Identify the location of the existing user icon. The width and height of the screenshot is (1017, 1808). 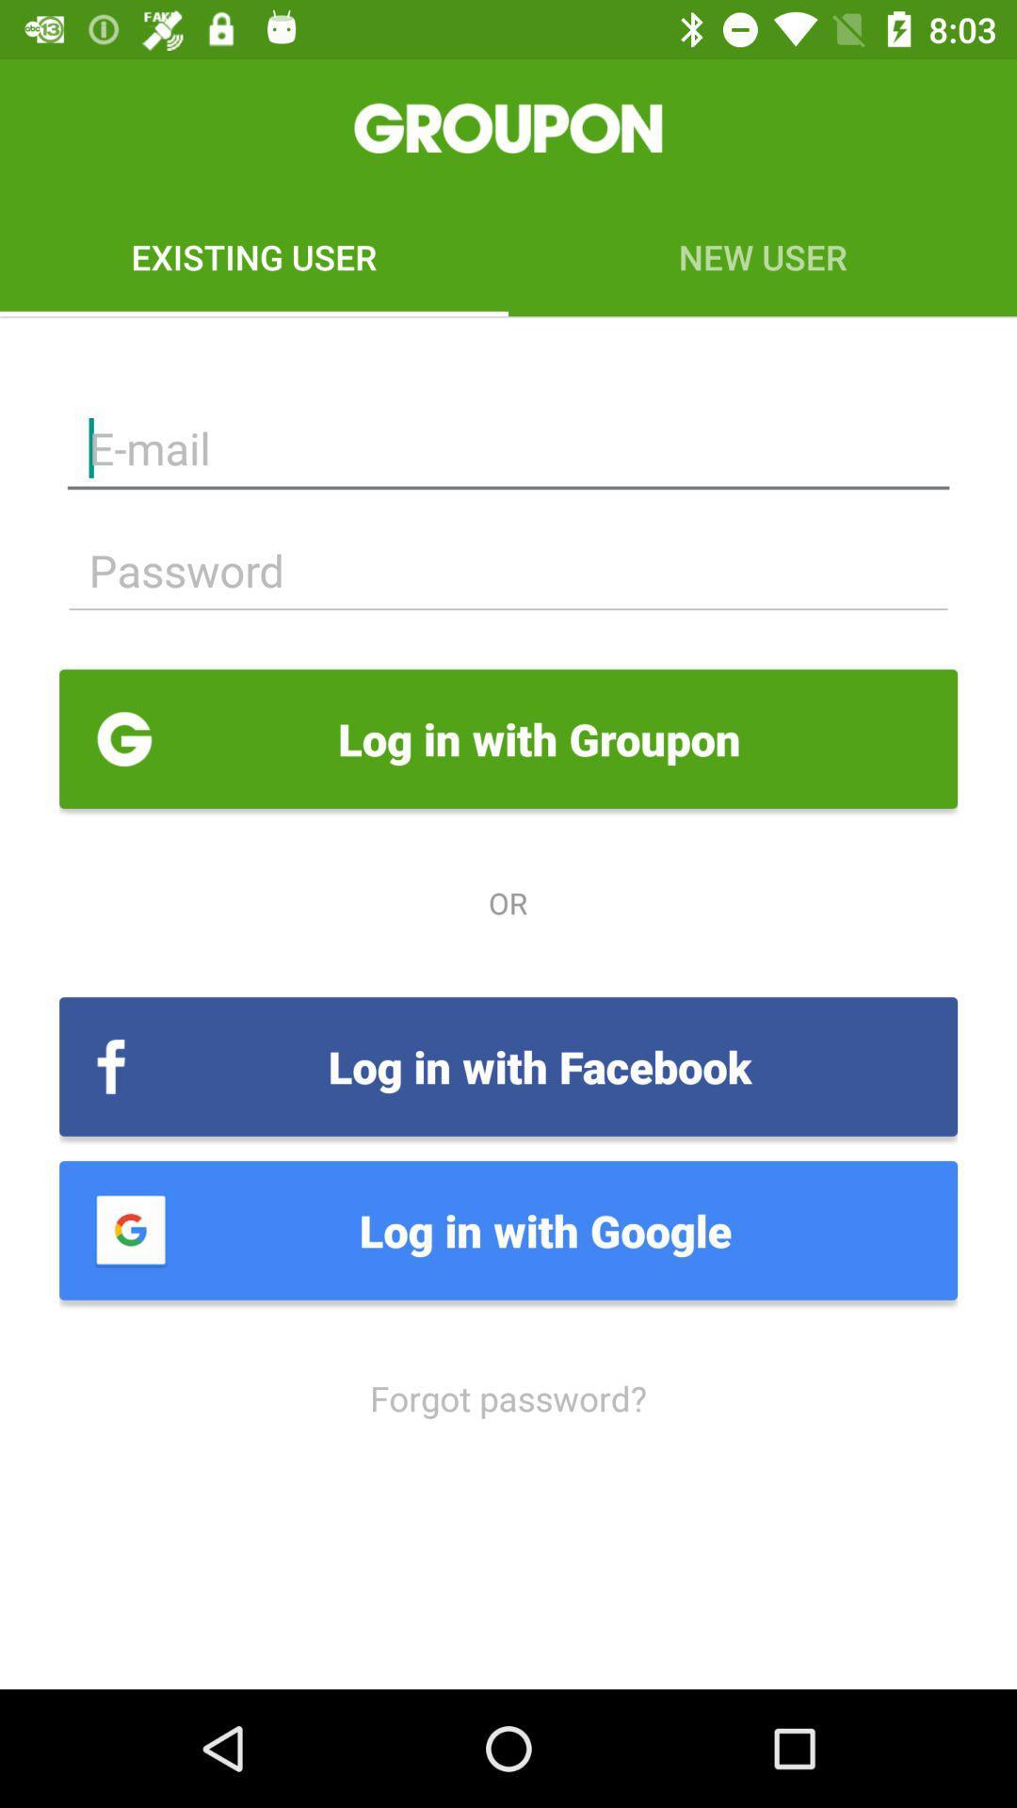
(254, 256).